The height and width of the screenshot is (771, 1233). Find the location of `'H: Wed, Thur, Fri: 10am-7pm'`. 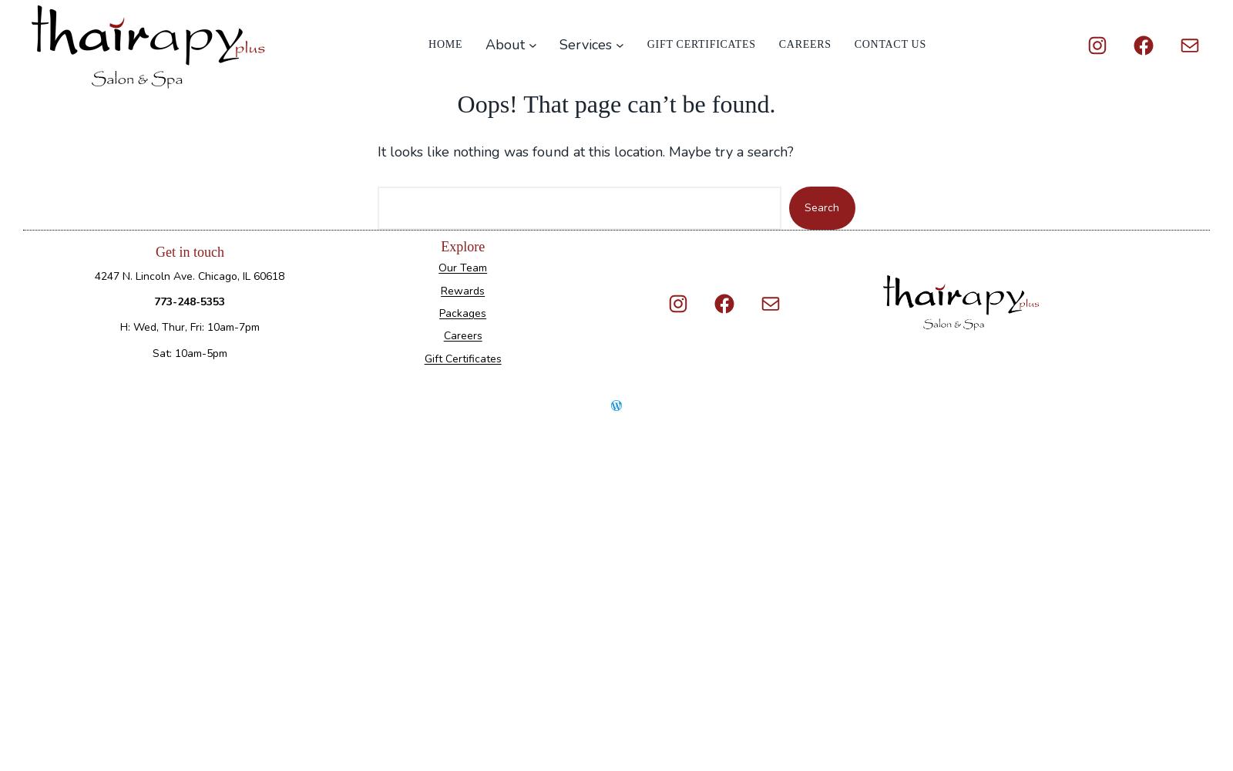

'H: Wed, Thur, Fri: 10am-7pm' is located at coordinates (189, 327).